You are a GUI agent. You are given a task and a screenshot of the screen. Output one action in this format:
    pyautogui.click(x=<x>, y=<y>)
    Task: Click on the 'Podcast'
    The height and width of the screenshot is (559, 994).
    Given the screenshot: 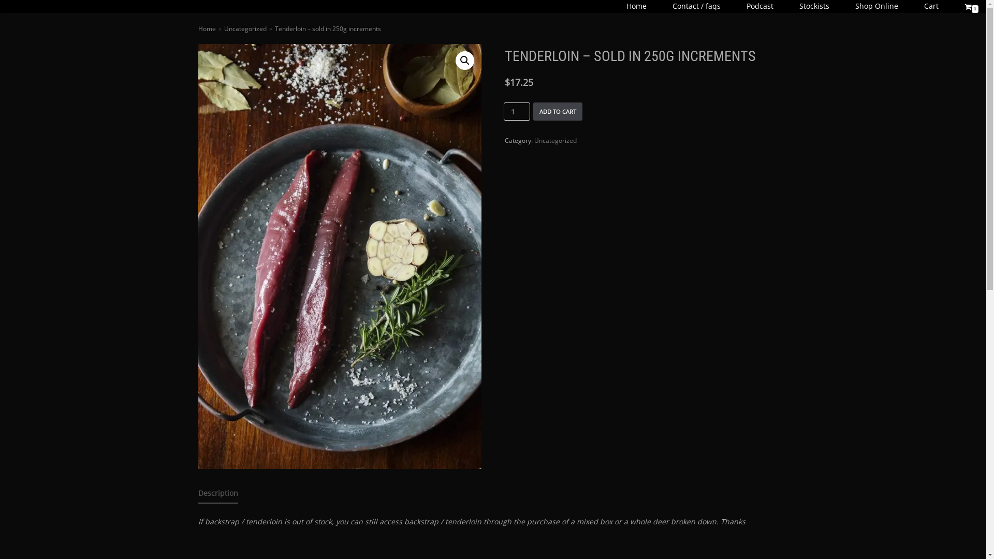 What is the action you would take?
    pyautogui.click(x=746, y=6)
    